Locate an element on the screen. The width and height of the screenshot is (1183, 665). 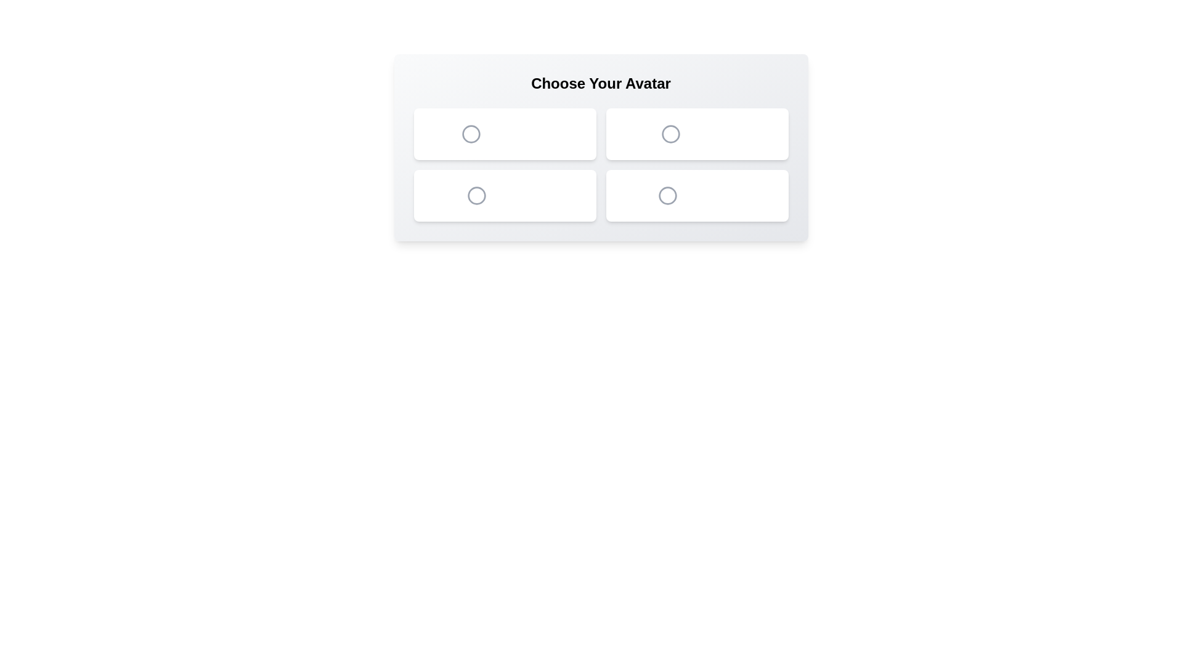
the circular indicator in the second column of the top row within the grid of card-like components is located at coordinates (670, 134).